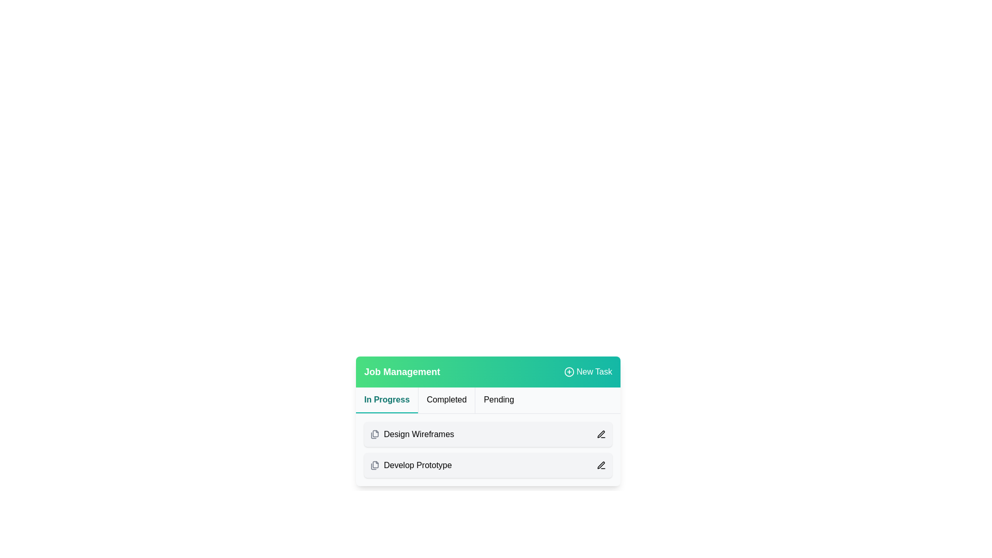  I want to click on the 'Develop Prototype' task label, which is the second item, so click(410, 466).